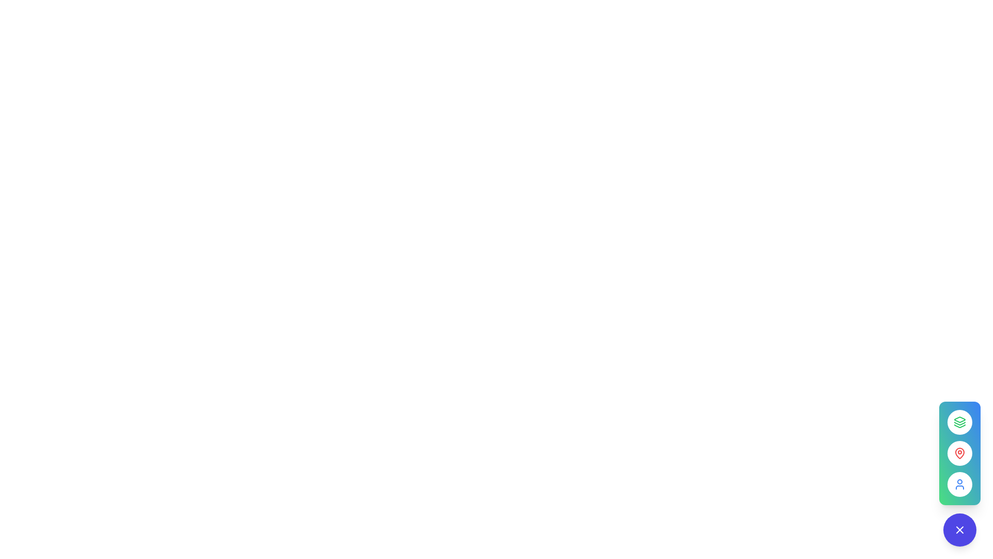  I want to click on the second icon from the top in the vertical stack on the right side of the interface, which visually represents a location pin, so click(959, 452).